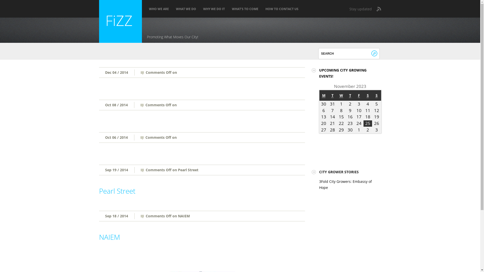 This screenshot has width=484, height=272. I want to click on 'WHY WE DO IT', so click(214, 9).